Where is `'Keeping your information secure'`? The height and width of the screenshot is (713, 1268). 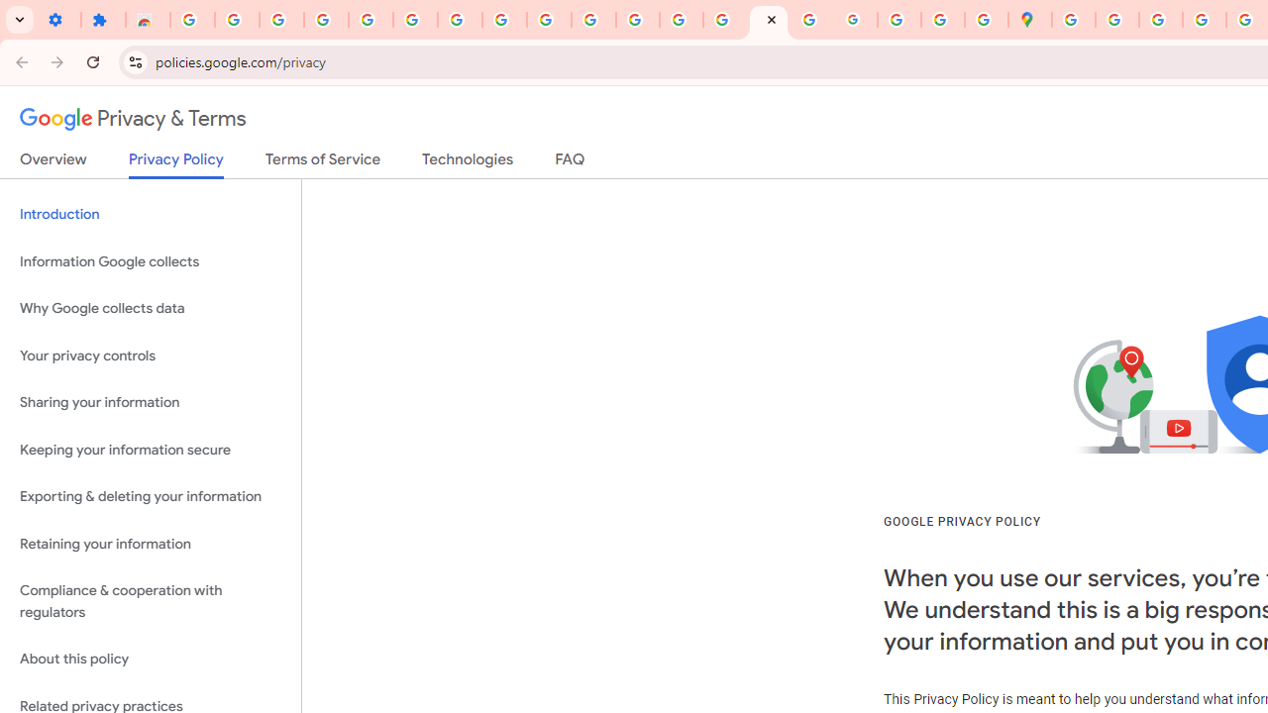
'Keeping your information secure' is located at coordinates (150, 450).